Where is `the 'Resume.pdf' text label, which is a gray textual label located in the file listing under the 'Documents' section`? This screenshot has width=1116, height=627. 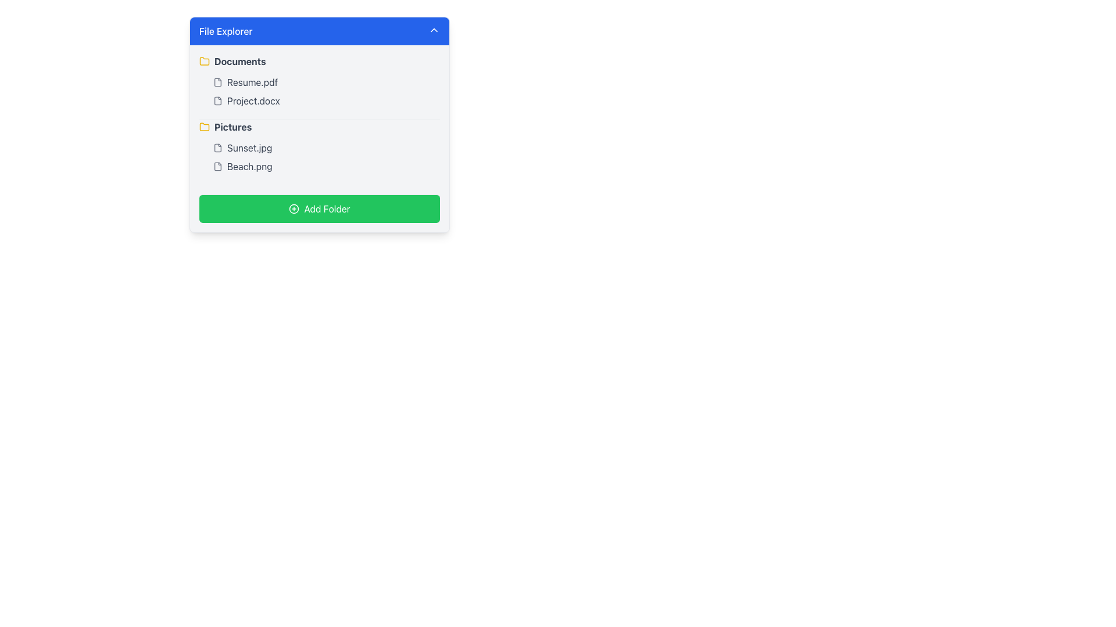
the 'Resume.pdf' text label, which is a gray textual label located in the file listing under the 'Documents' section is located at coordinates (252, 82).